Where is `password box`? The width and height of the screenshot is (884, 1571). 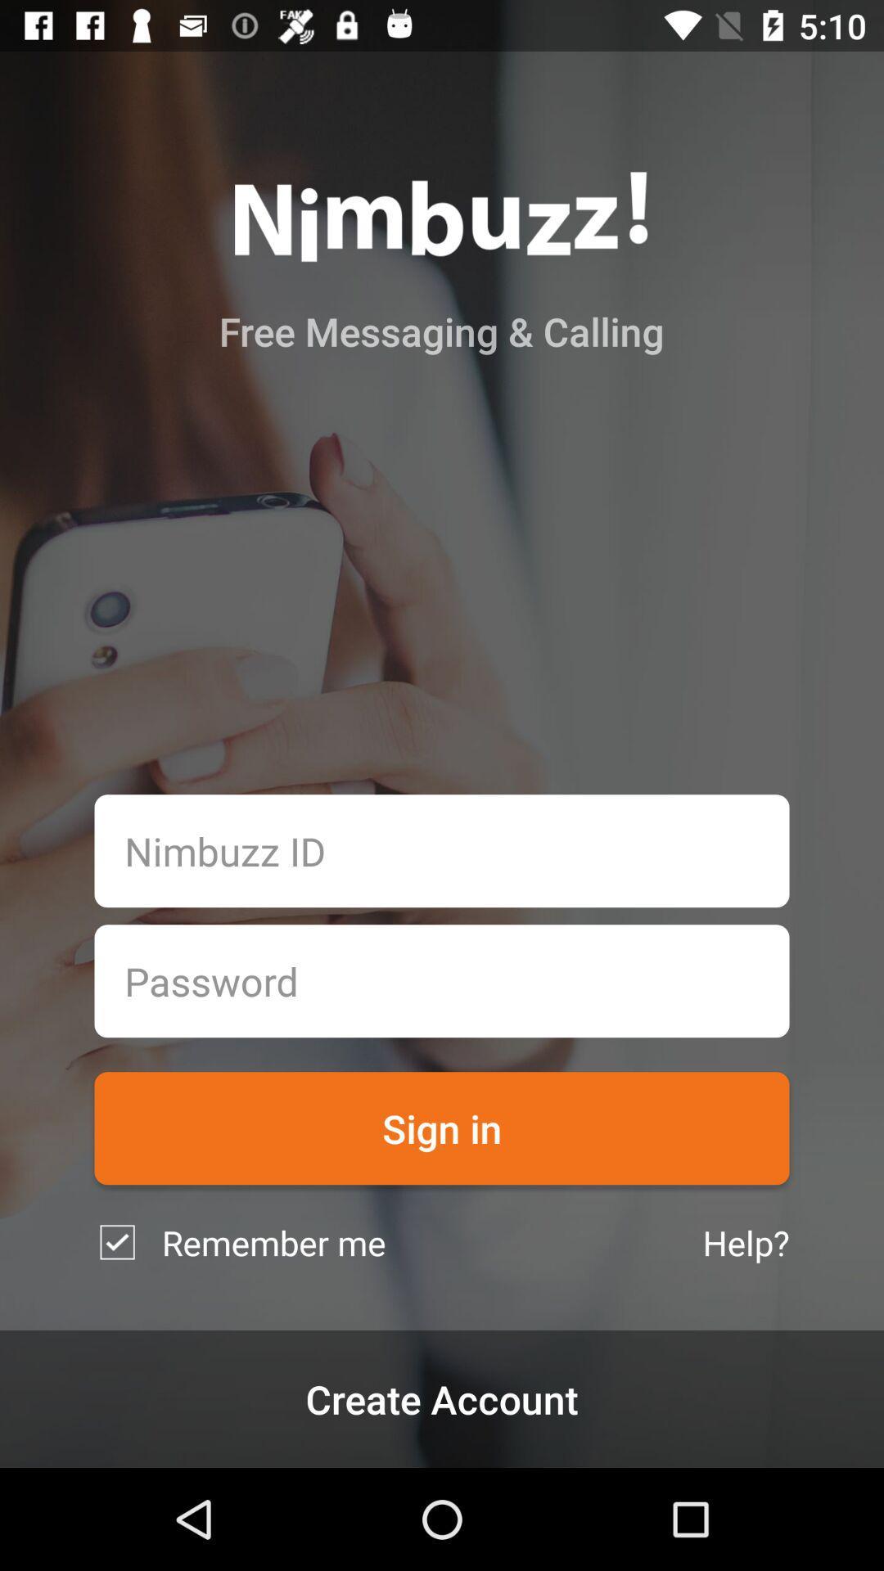
password box is located at coordinates (442, 981).